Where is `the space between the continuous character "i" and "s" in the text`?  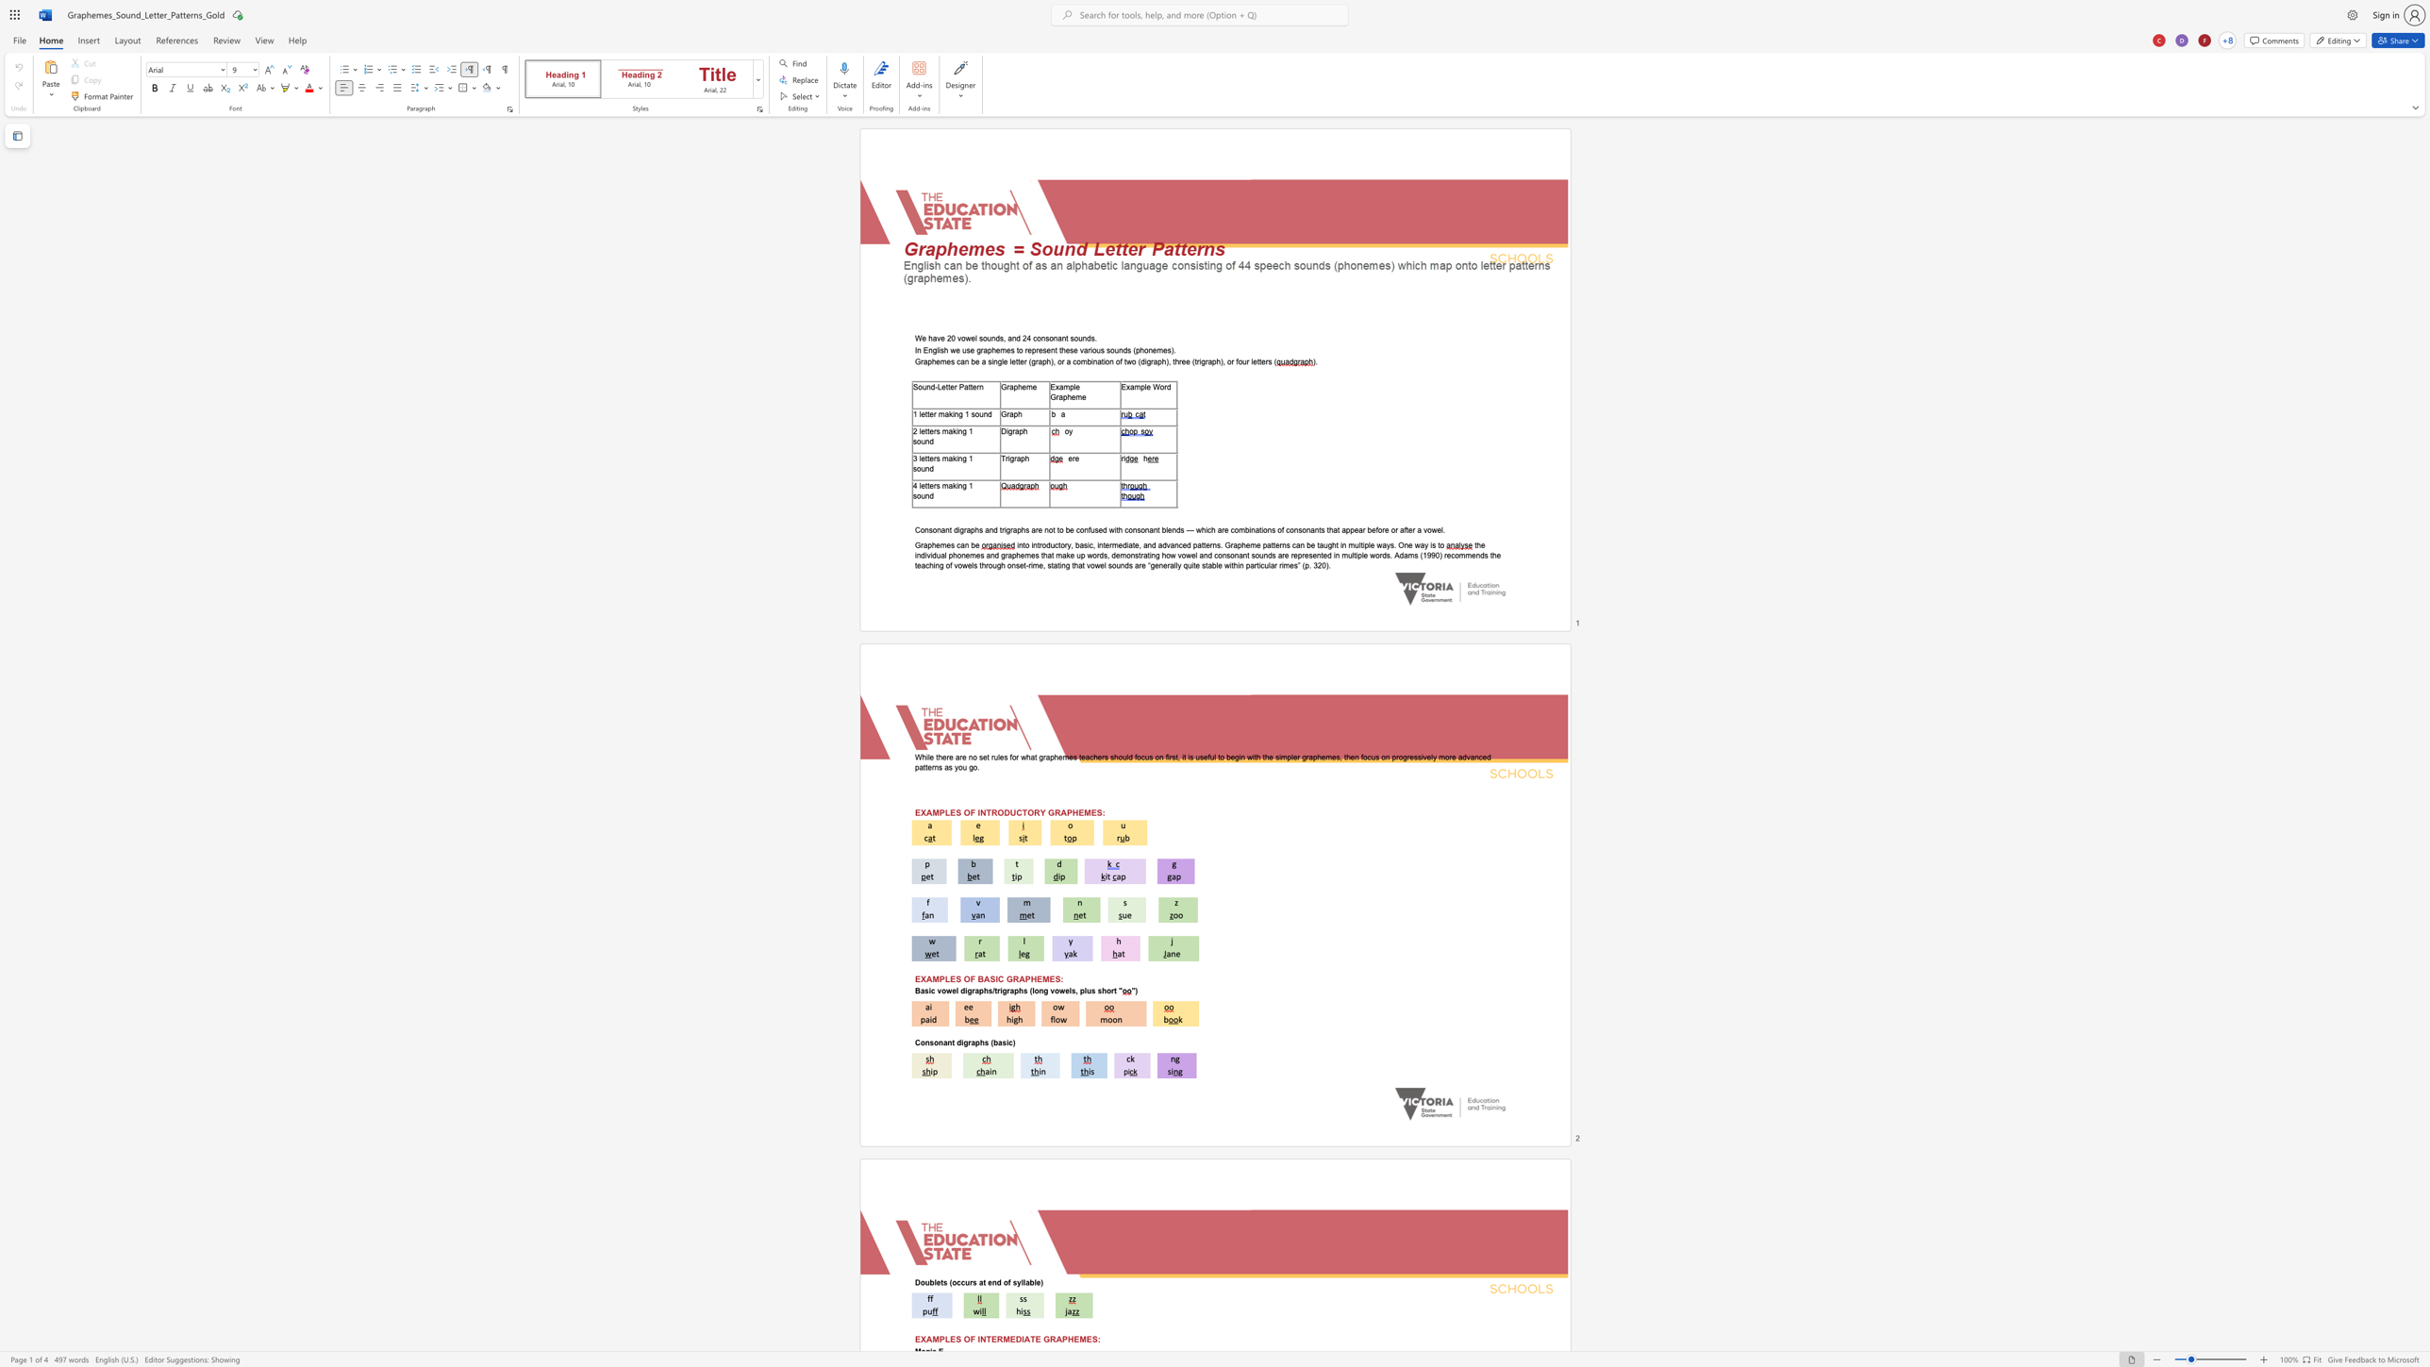
the space between the continuous character "i" and "s" in the text is located at coordinates (940, 349).